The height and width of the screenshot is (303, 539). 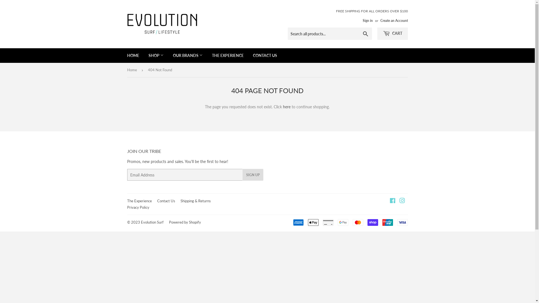 I want to click on 'Contact Us', so click(x=166, y=201).